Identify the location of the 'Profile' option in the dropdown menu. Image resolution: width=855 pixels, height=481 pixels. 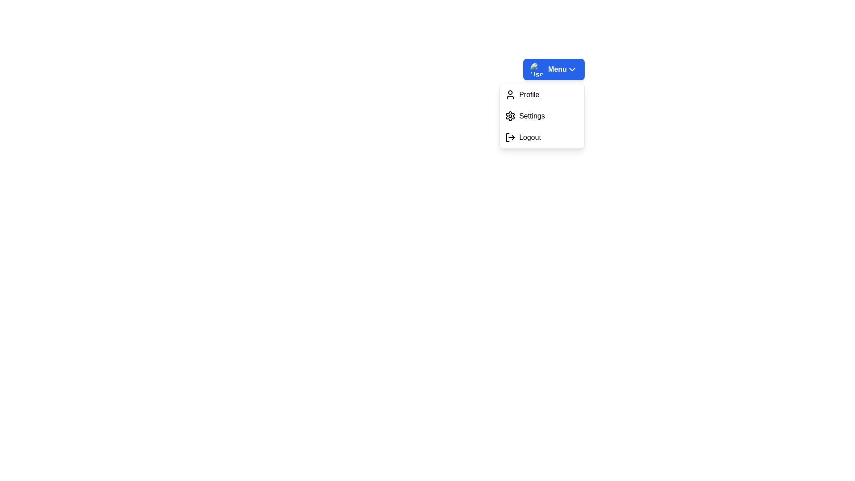
(541, 94).